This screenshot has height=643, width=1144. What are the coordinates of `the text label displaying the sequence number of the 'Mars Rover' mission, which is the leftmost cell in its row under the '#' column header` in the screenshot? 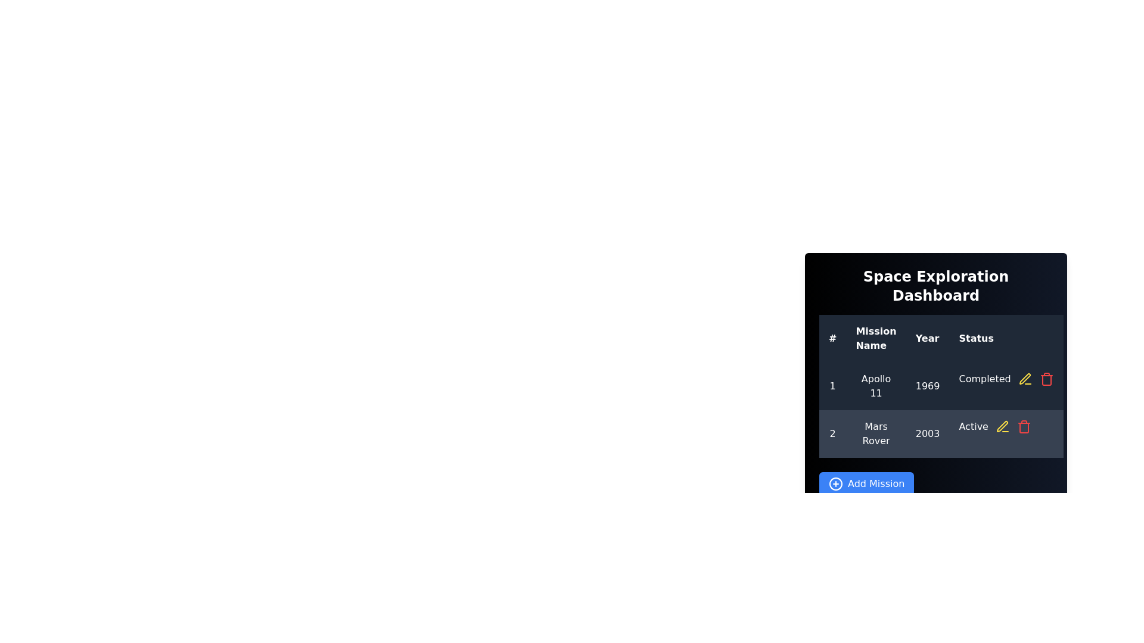 It's located at (832, 434).